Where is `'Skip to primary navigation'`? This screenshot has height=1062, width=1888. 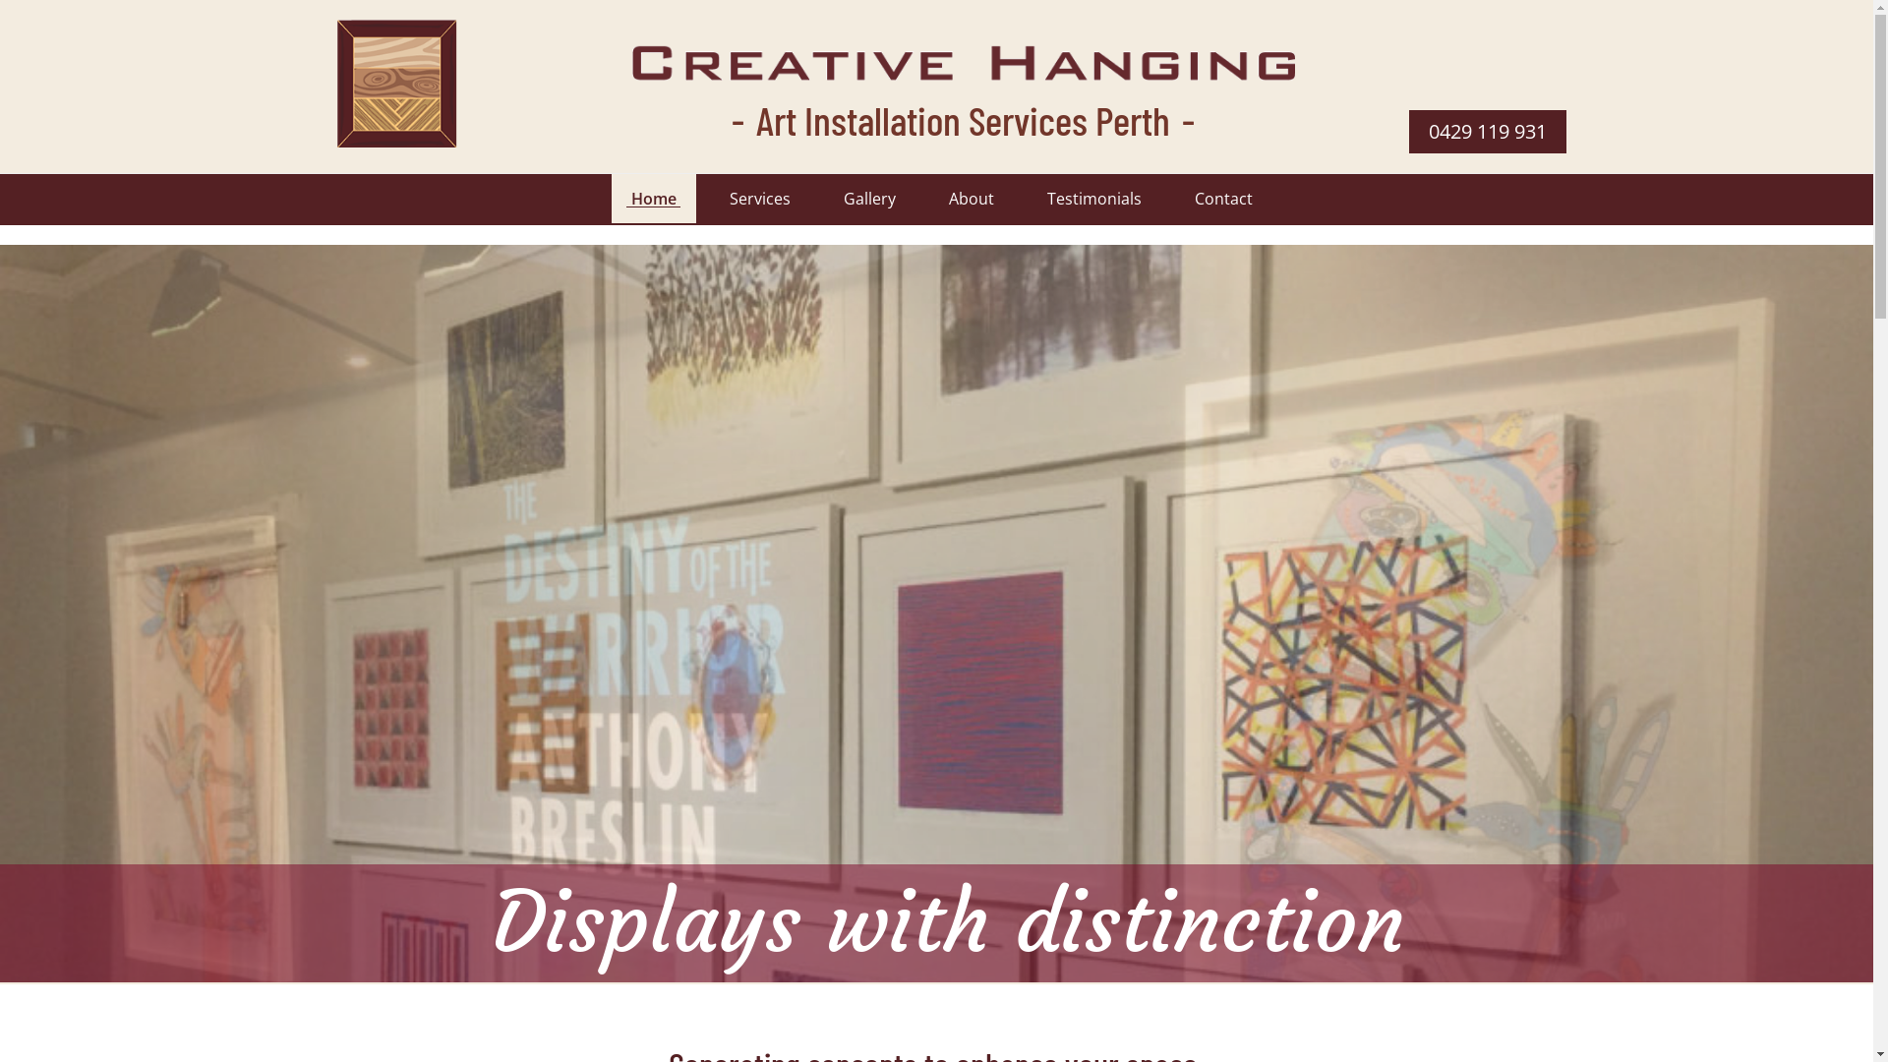
'Skip to primary navigation' is located at coordinates (0, 0).